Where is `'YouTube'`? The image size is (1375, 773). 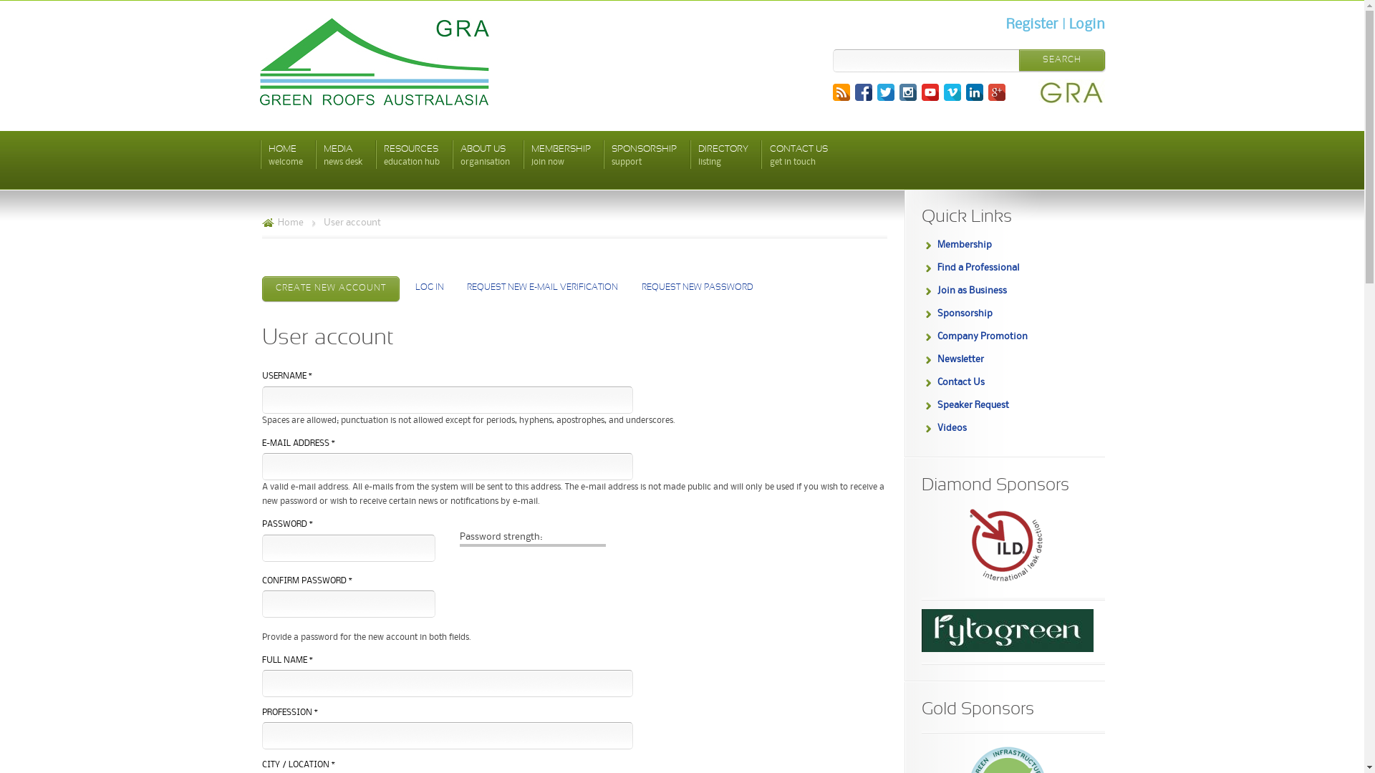 'YouTube' is located at coordinates (932, 94).